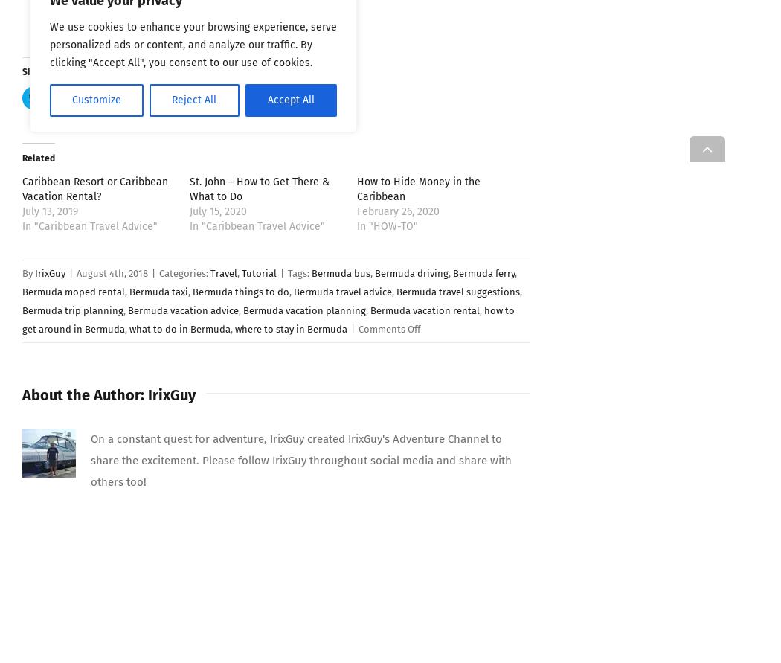 This screenshot has height=663, width=781. What do you see at coordinates (184, 272) in the screenshot?
I see `'Categories:'` at bounding box center [184, 272].